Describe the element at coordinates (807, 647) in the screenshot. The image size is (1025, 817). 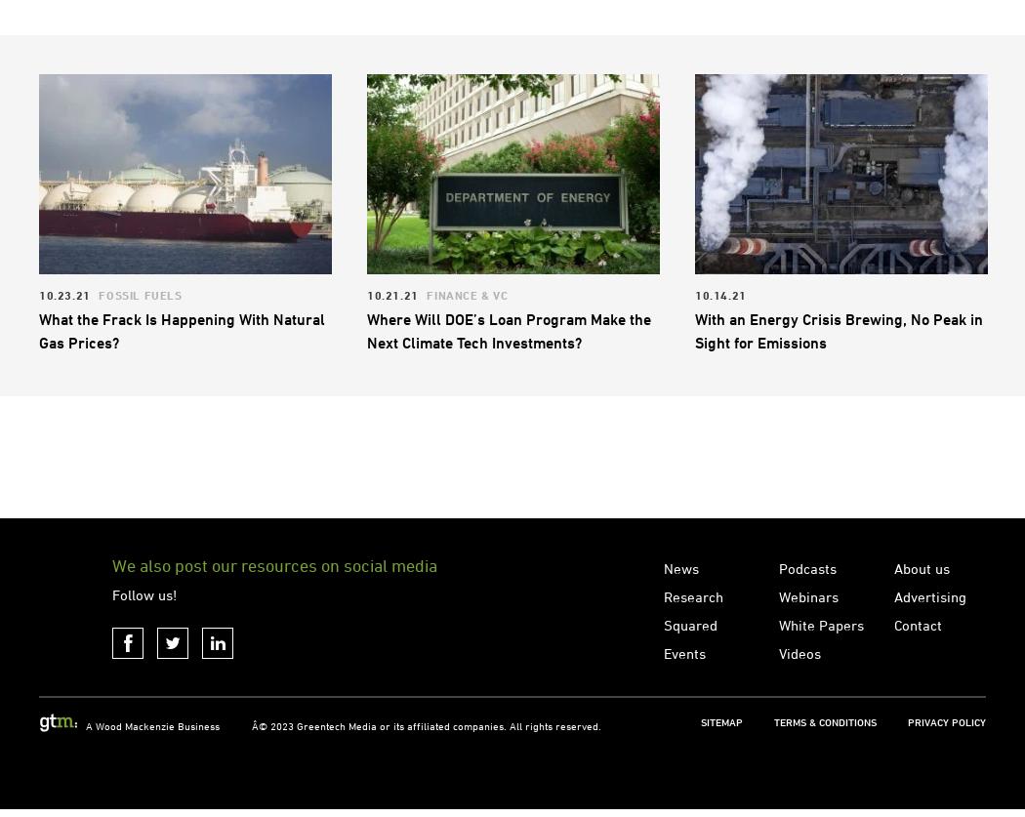
I see `'Podcasts'` at that location.